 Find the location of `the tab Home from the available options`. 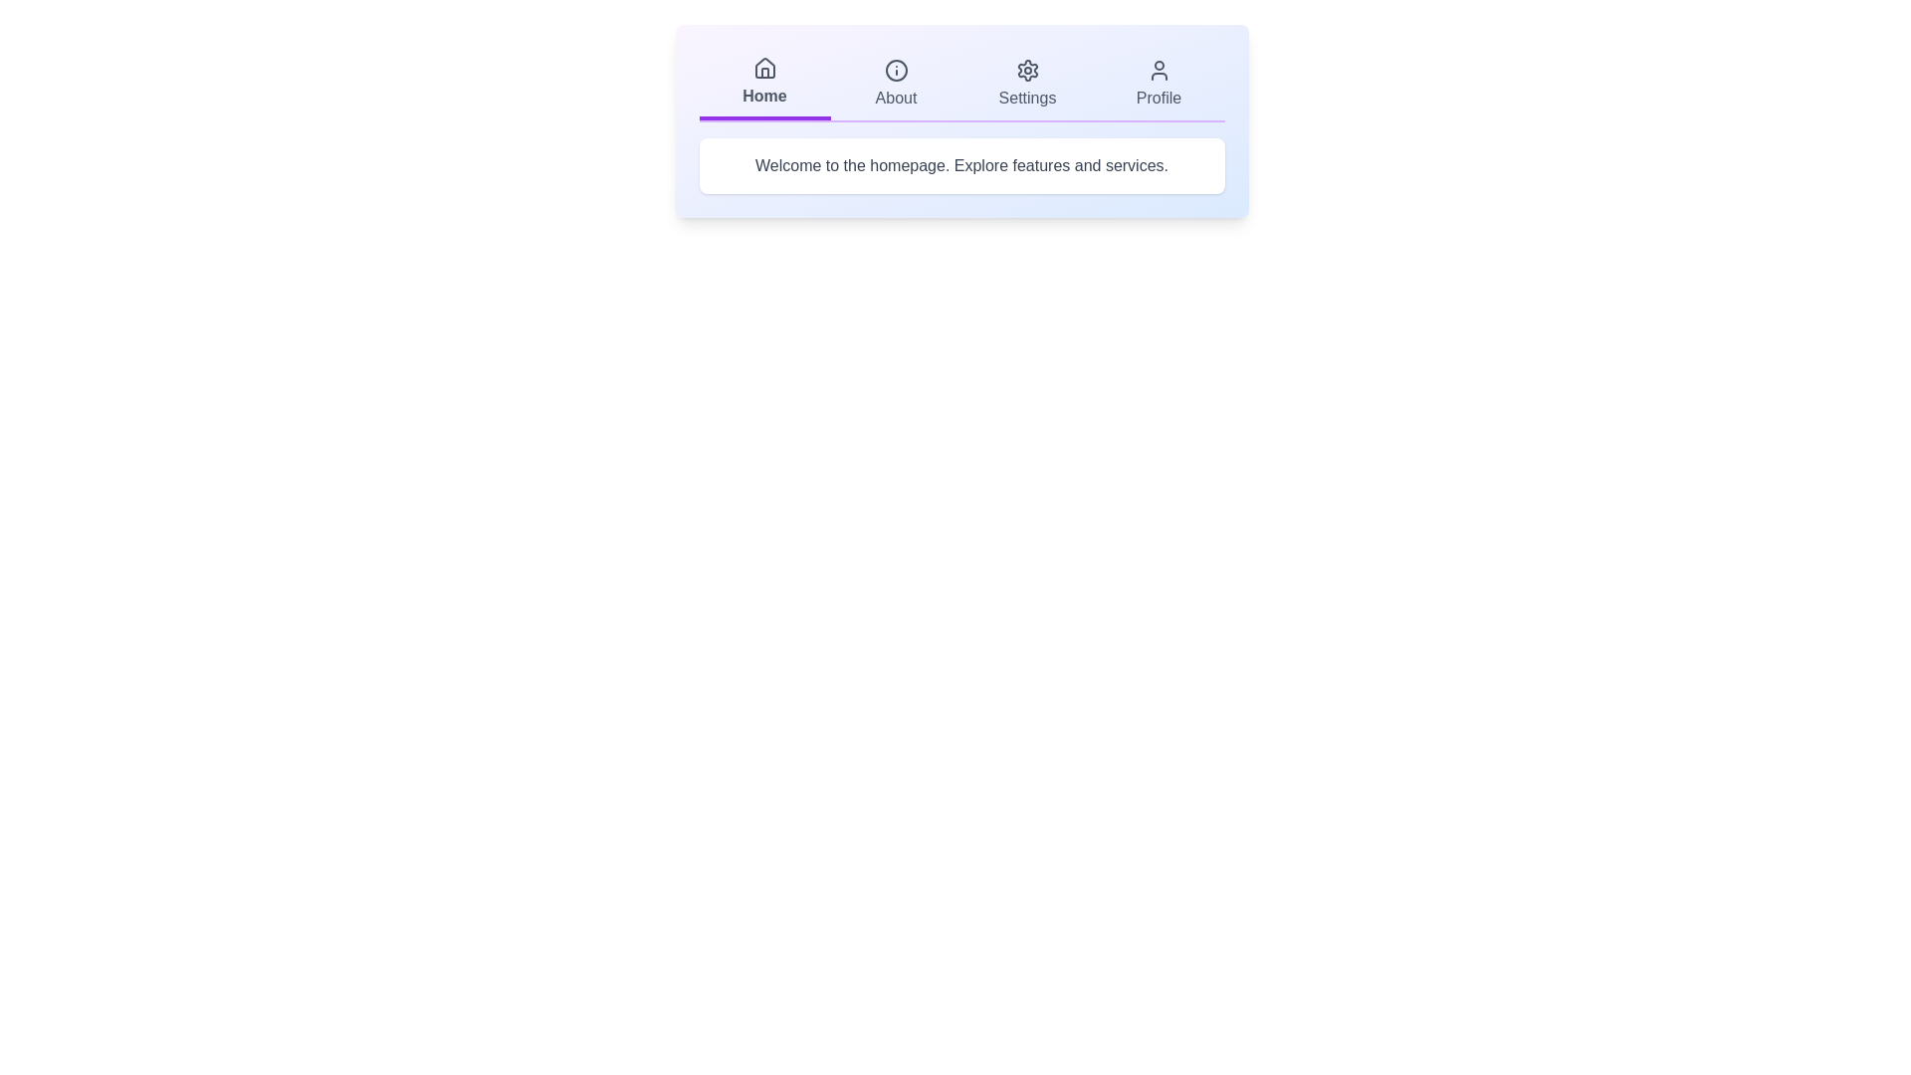

the tab Home from the available options is located at coordinates (763, 83).